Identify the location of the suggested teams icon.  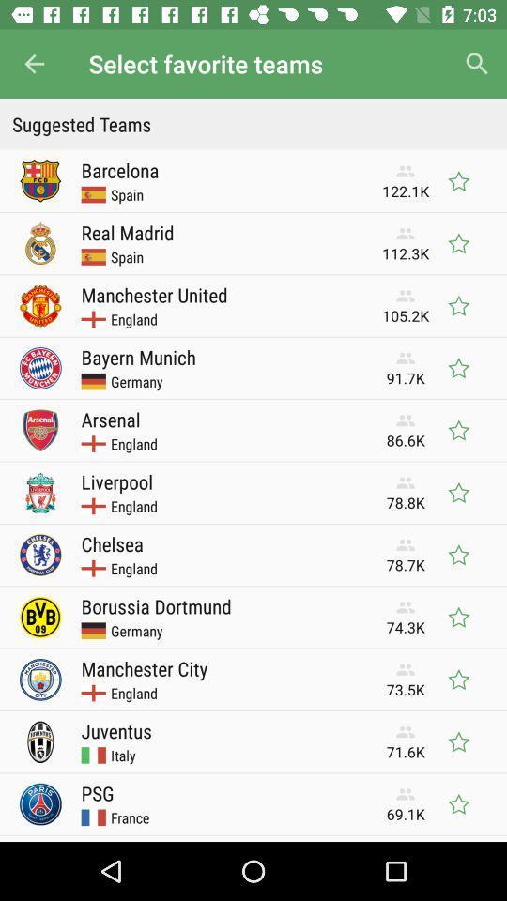
(253, 123).